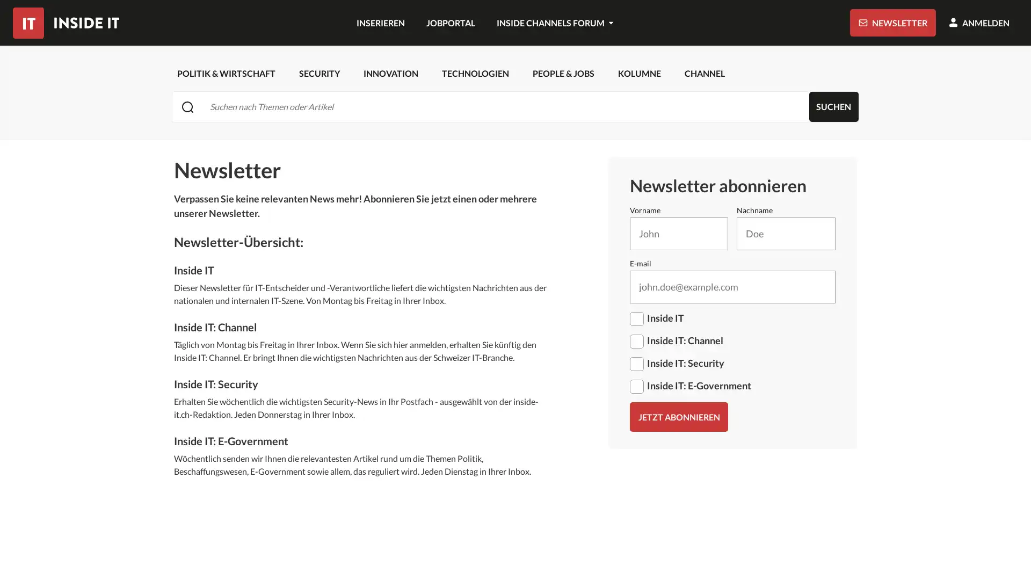  I want to click on SUCHEN, so click(833, 107).